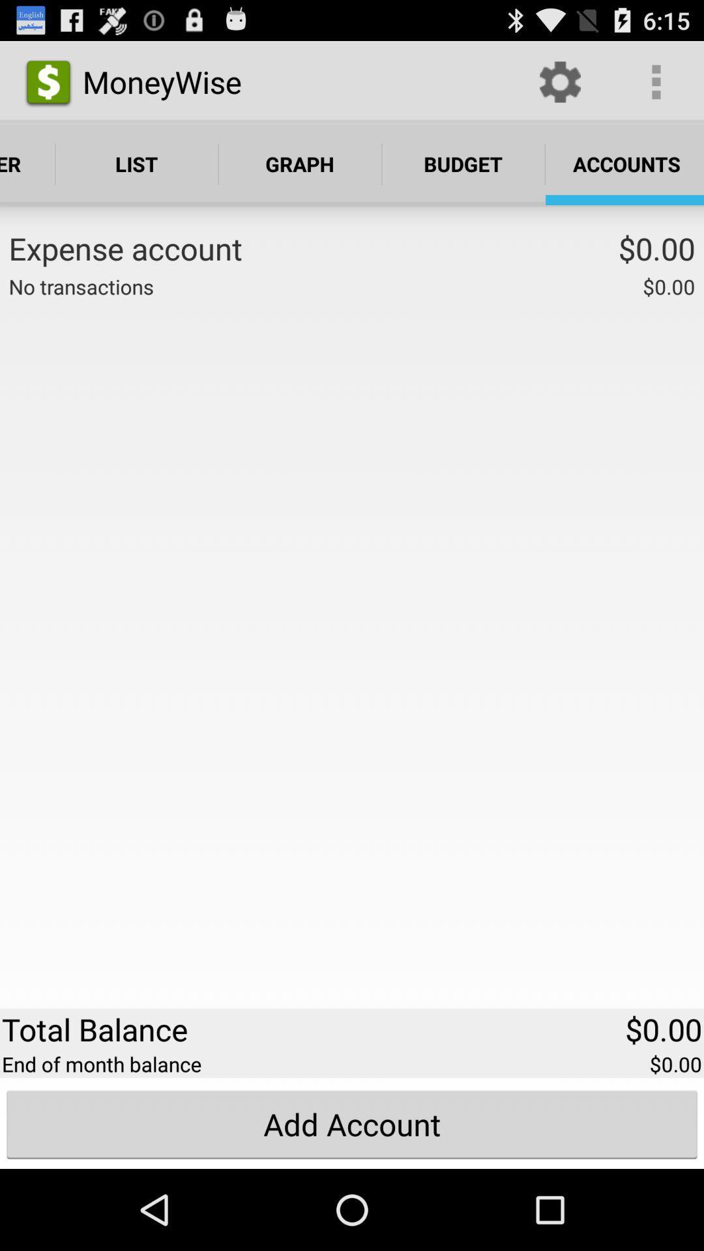  What do you see at coordinates (656, 81) in the screenshot?
I see `app above accounts app` at bounding box center [656, 81].